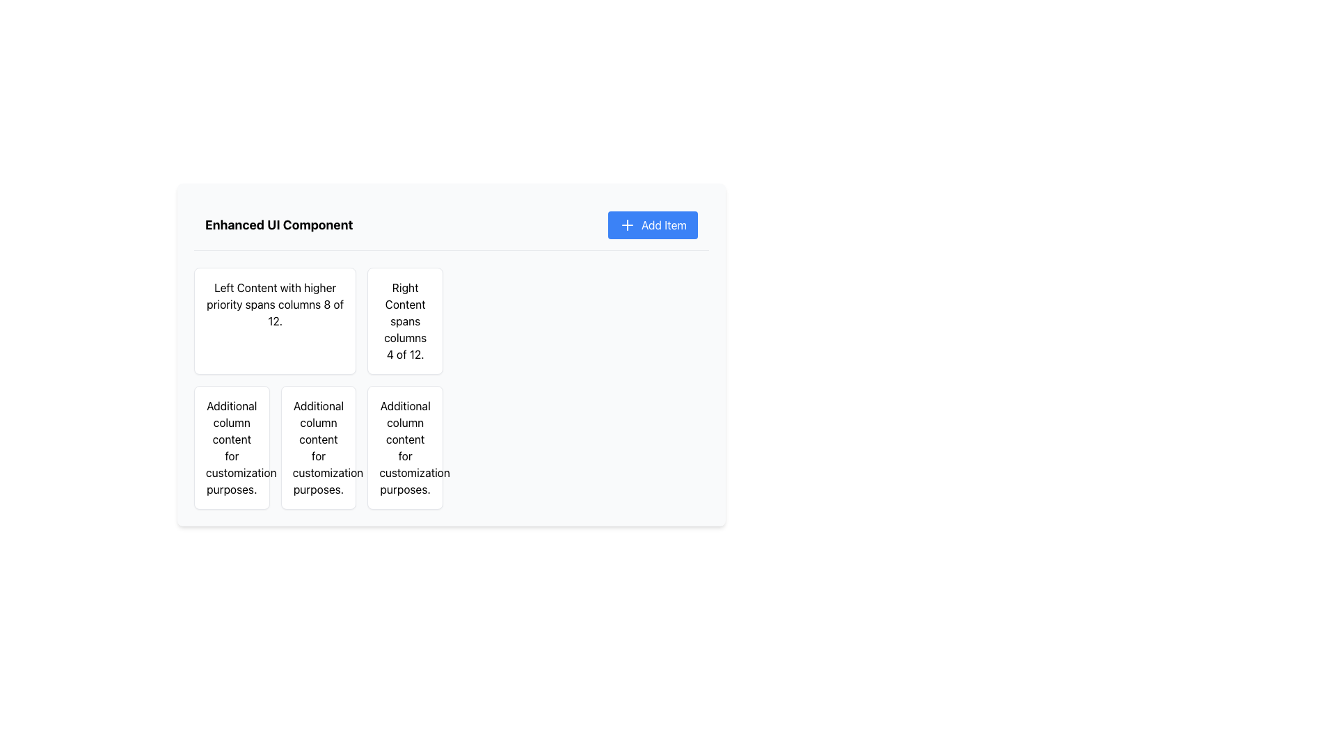  Describe the element at coordinates (404, 448) in the screenshot. I see `text content from the text block displaying the phrase 'Additional column content for customization purposes.' which is the rightmost card in the bottom row of the grid layout` at that location.